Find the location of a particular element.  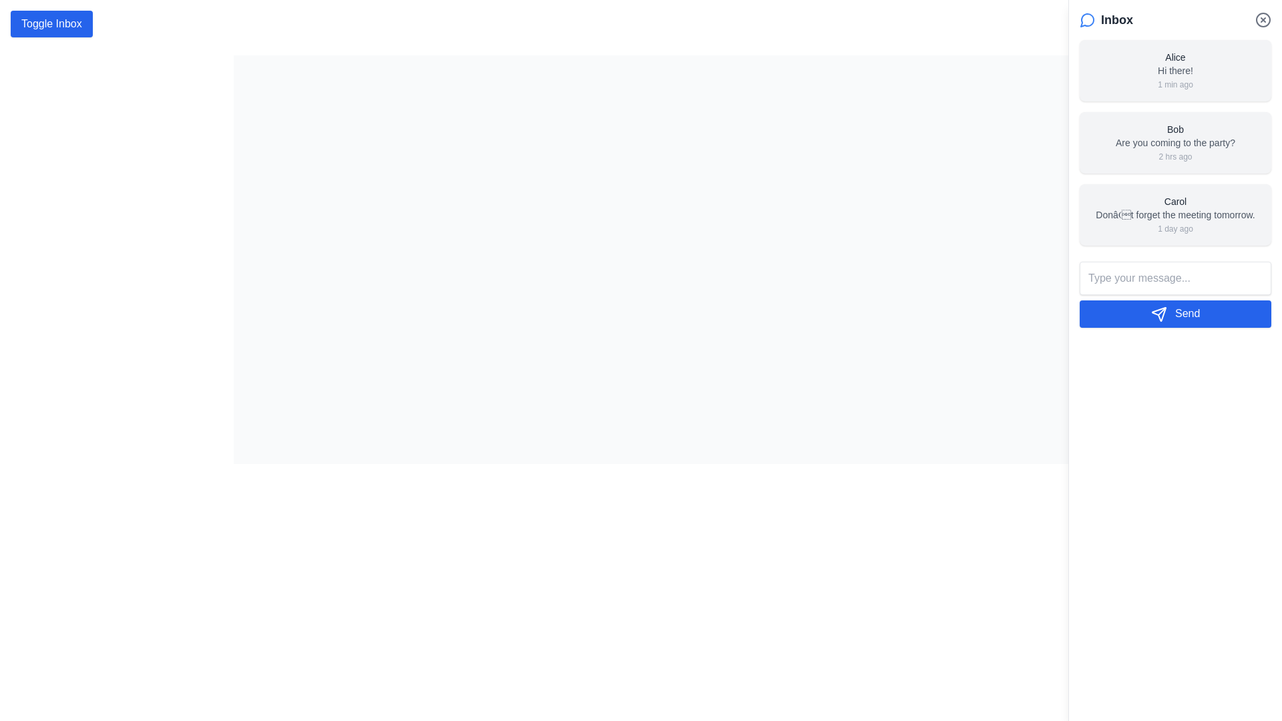

the third chat message entry from 'Carol' with a light gray background is located at coordinates (1175, 214).